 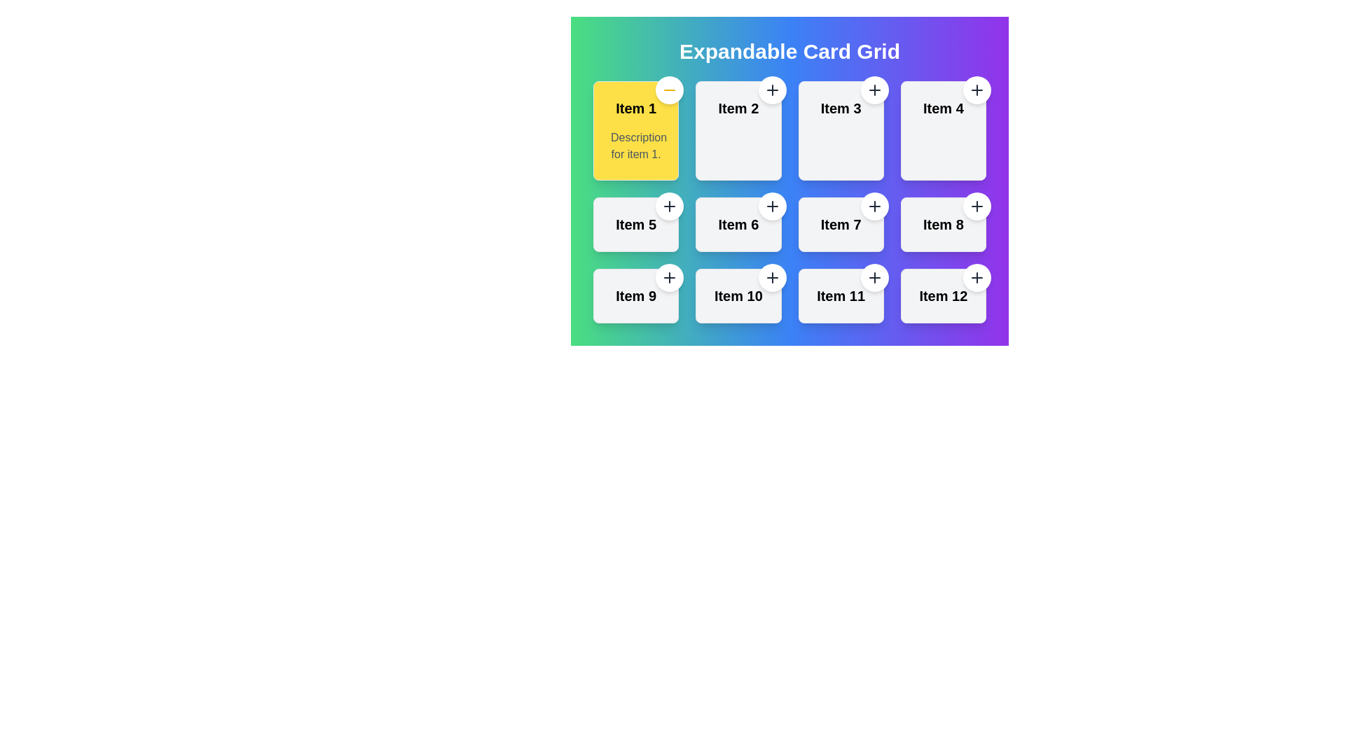 I want to click on the small circular button with a white background and dark gray '+' icon located at the top-right corner of the card labeled 'Item 4', so click(x=977, y=90).